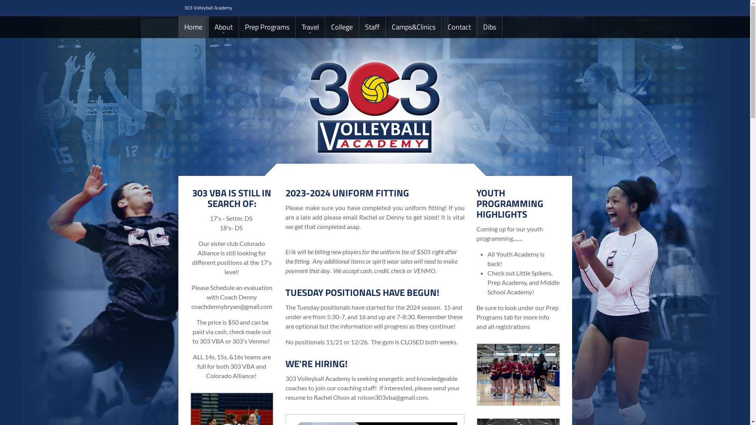  What do you see at coordinates (177, 26) in the screenshot?
I see `'Home'` at bounding box center [177, 26].